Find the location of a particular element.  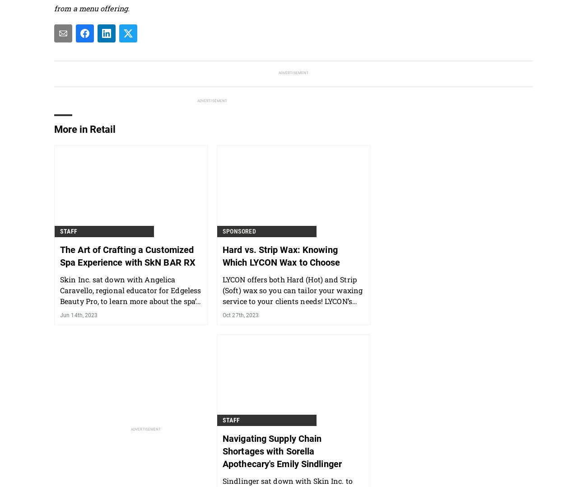

'Jun 14th, 2023' is located at coordinates (79, 314).